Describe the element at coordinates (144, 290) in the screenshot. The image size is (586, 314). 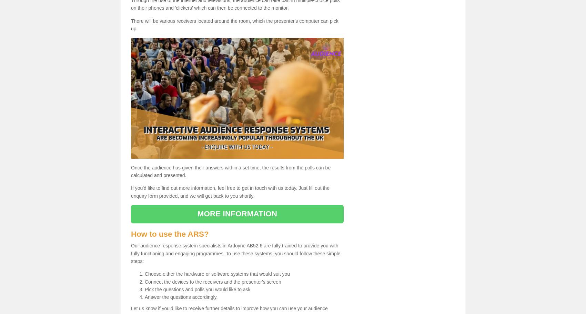
I see `'Pick the questions and polls you would like to ask'` at that location.